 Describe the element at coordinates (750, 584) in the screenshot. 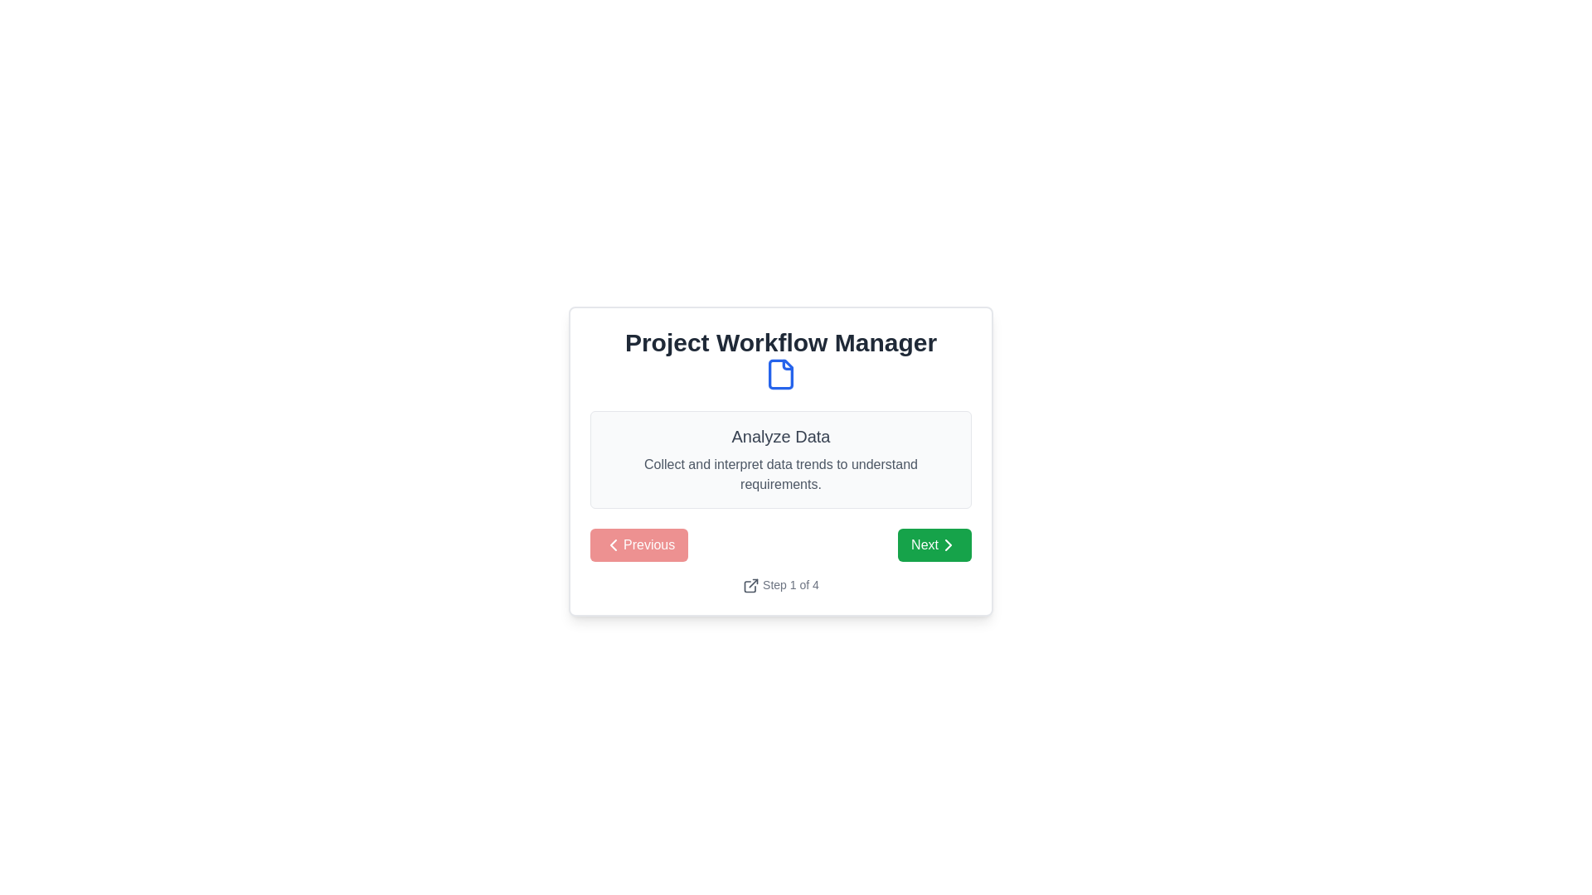

I see `the external link icon located to the immediate left of the text 'Step 1 of 4' within the 'mt-4 text-center' section` at that location.